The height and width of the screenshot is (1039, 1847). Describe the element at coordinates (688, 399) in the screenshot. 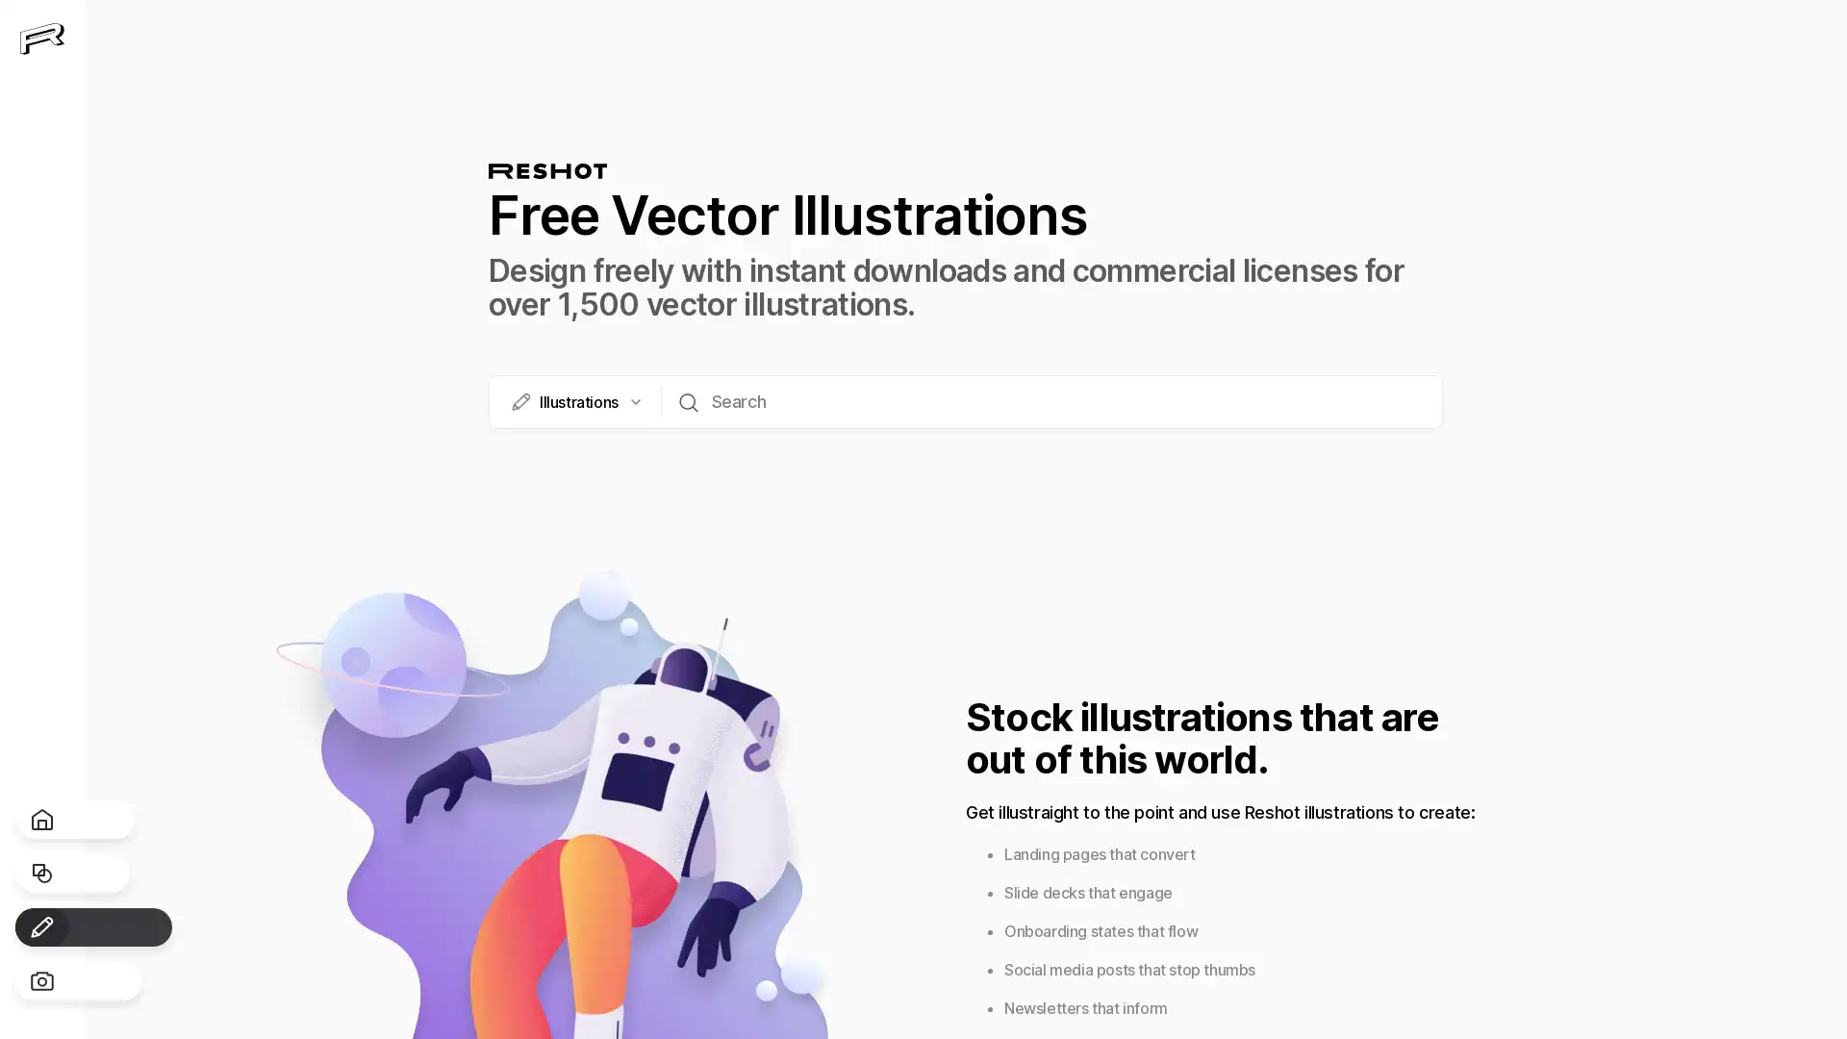

I see `Search` at that location.